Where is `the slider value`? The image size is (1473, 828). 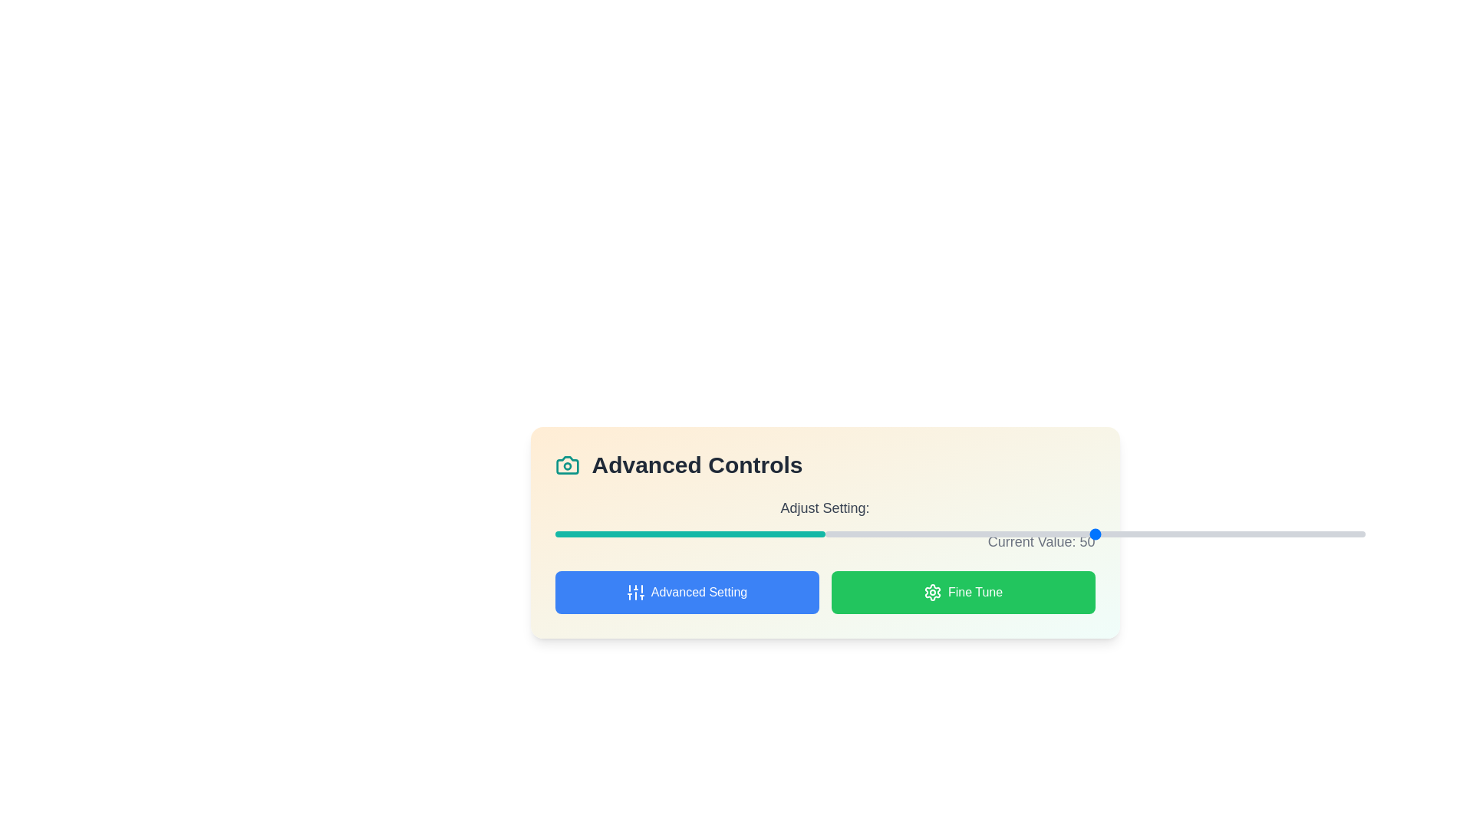 the slider value is located at coordinates (884, 534).